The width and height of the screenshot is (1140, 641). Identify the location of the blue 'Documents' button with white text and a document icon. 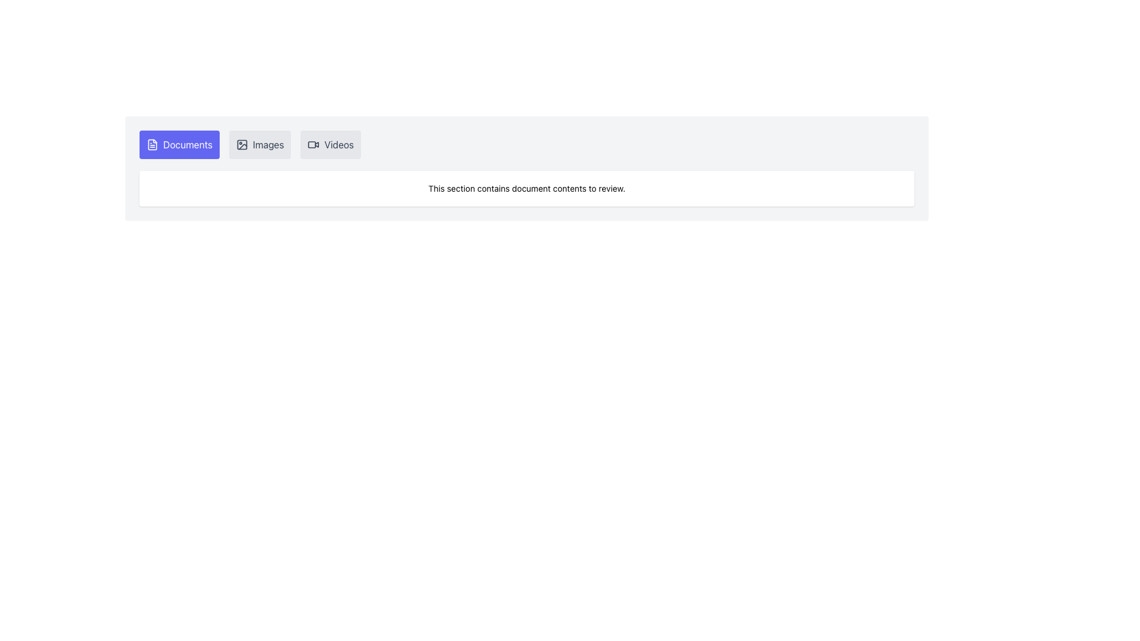
(179, 144).